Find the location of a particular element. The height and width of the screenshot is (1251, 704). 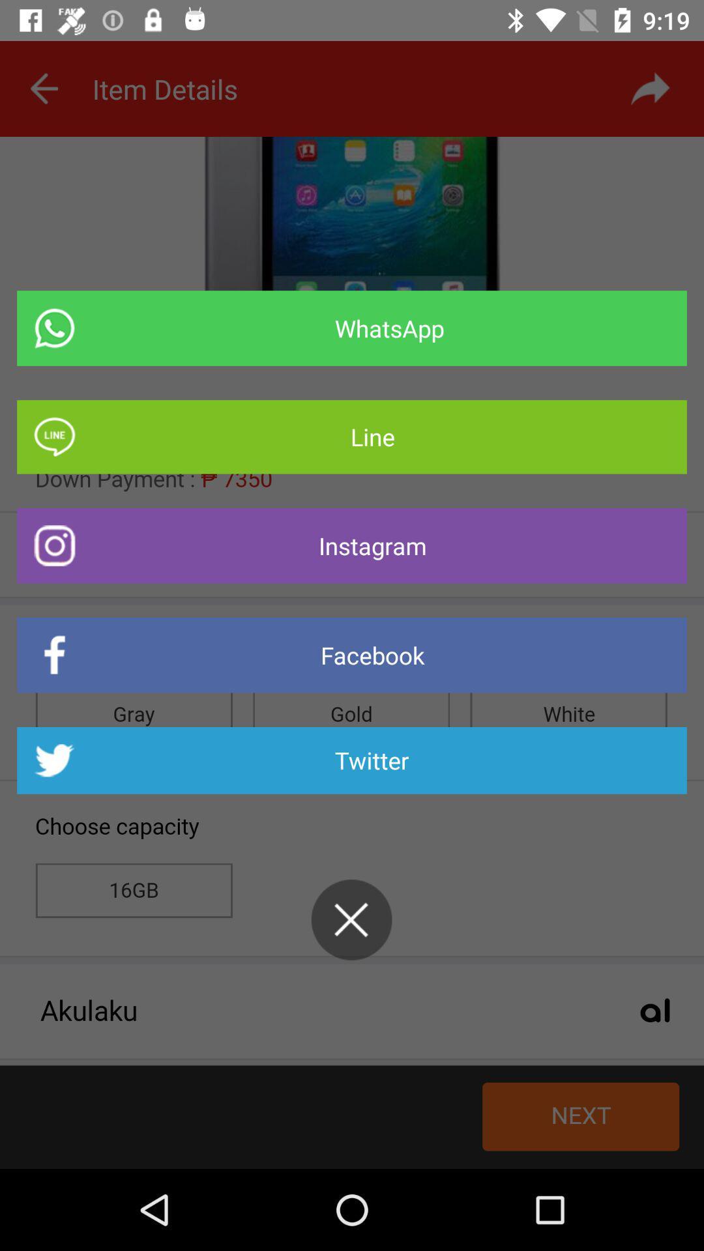

exit share to screen is located at coordinates (351, 919).